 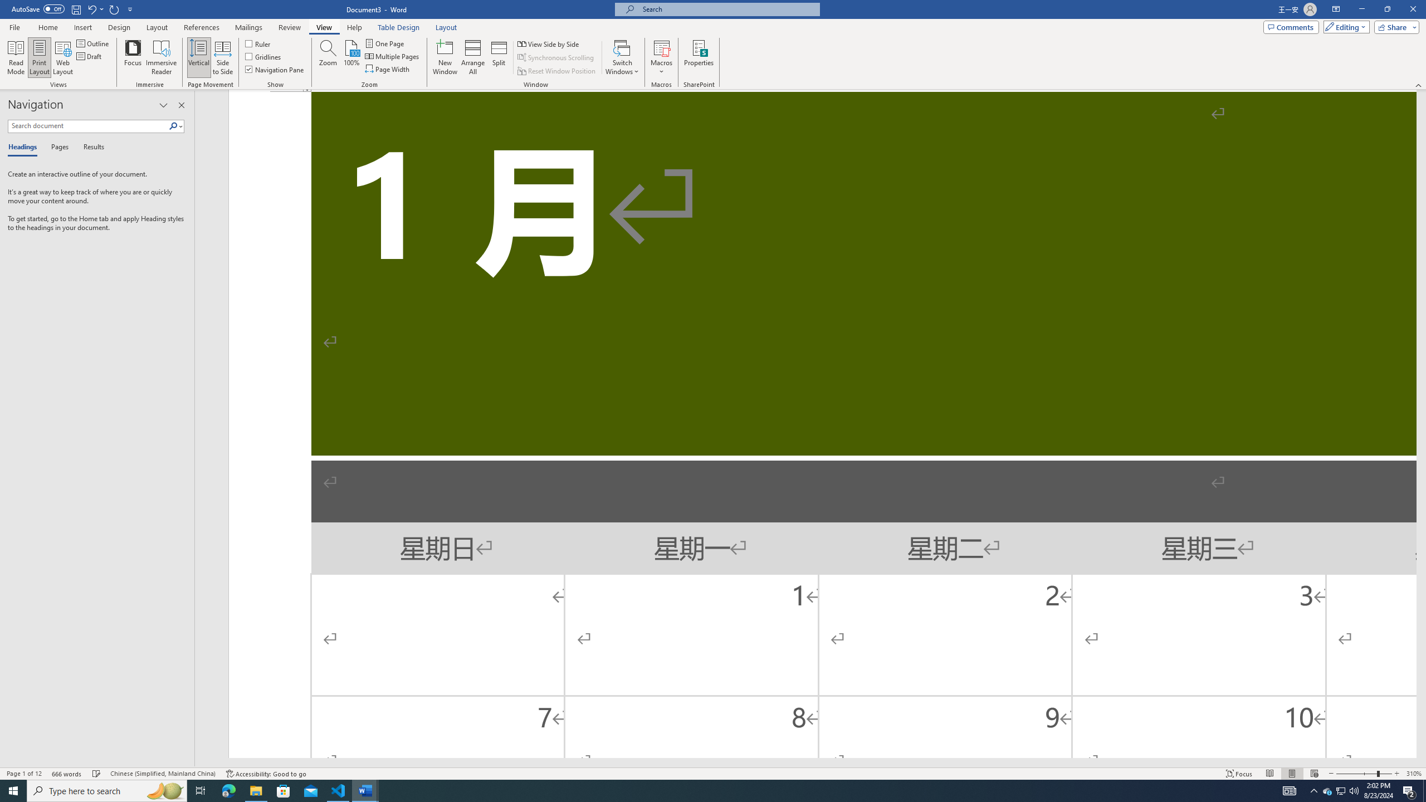 What do you see at coordinates (1356, 774) in the screenshot?
I see `'Zoom Out'` at bounding box center [1356, 774].